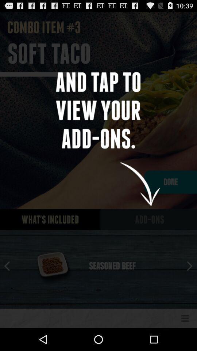 The height and width of the screenshot is (351, 197). Describe the element at coordinates (7, 284) in the screenshot. I see `the arrow_backward icon` at that location.